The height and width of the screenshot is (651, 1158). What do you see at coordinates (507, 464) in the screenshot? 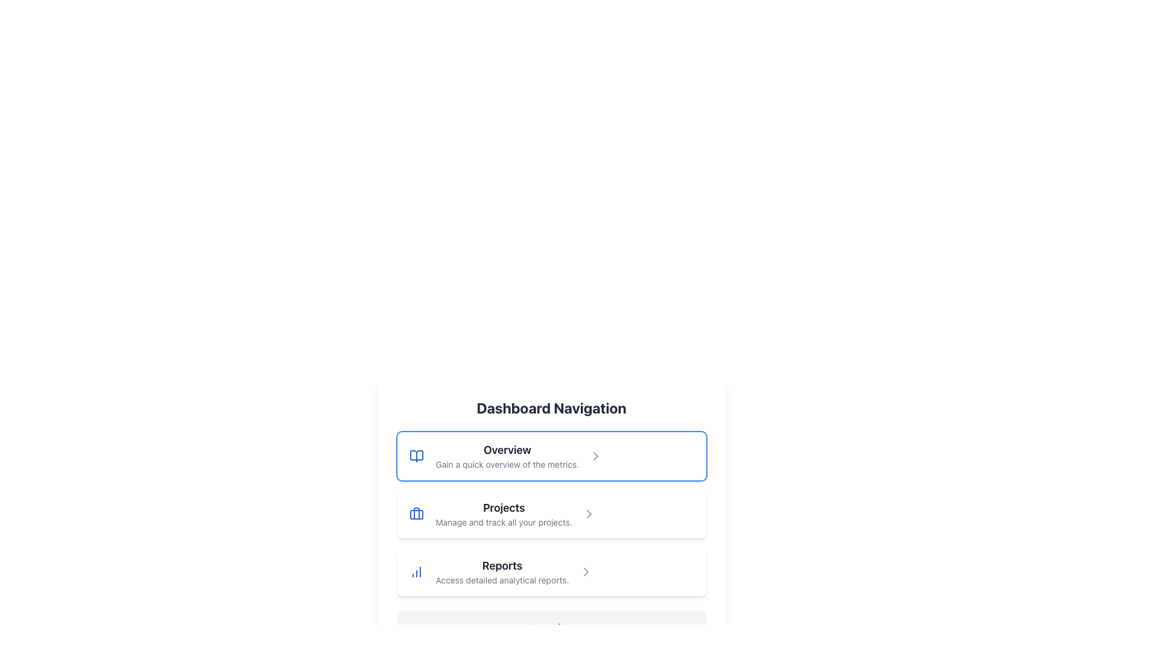
I see `the text label that reads 'Gain a quick overview of the metrics.' which is located below the title 'Overview' in the 'Overview' section` at bounding box center [507, 464].